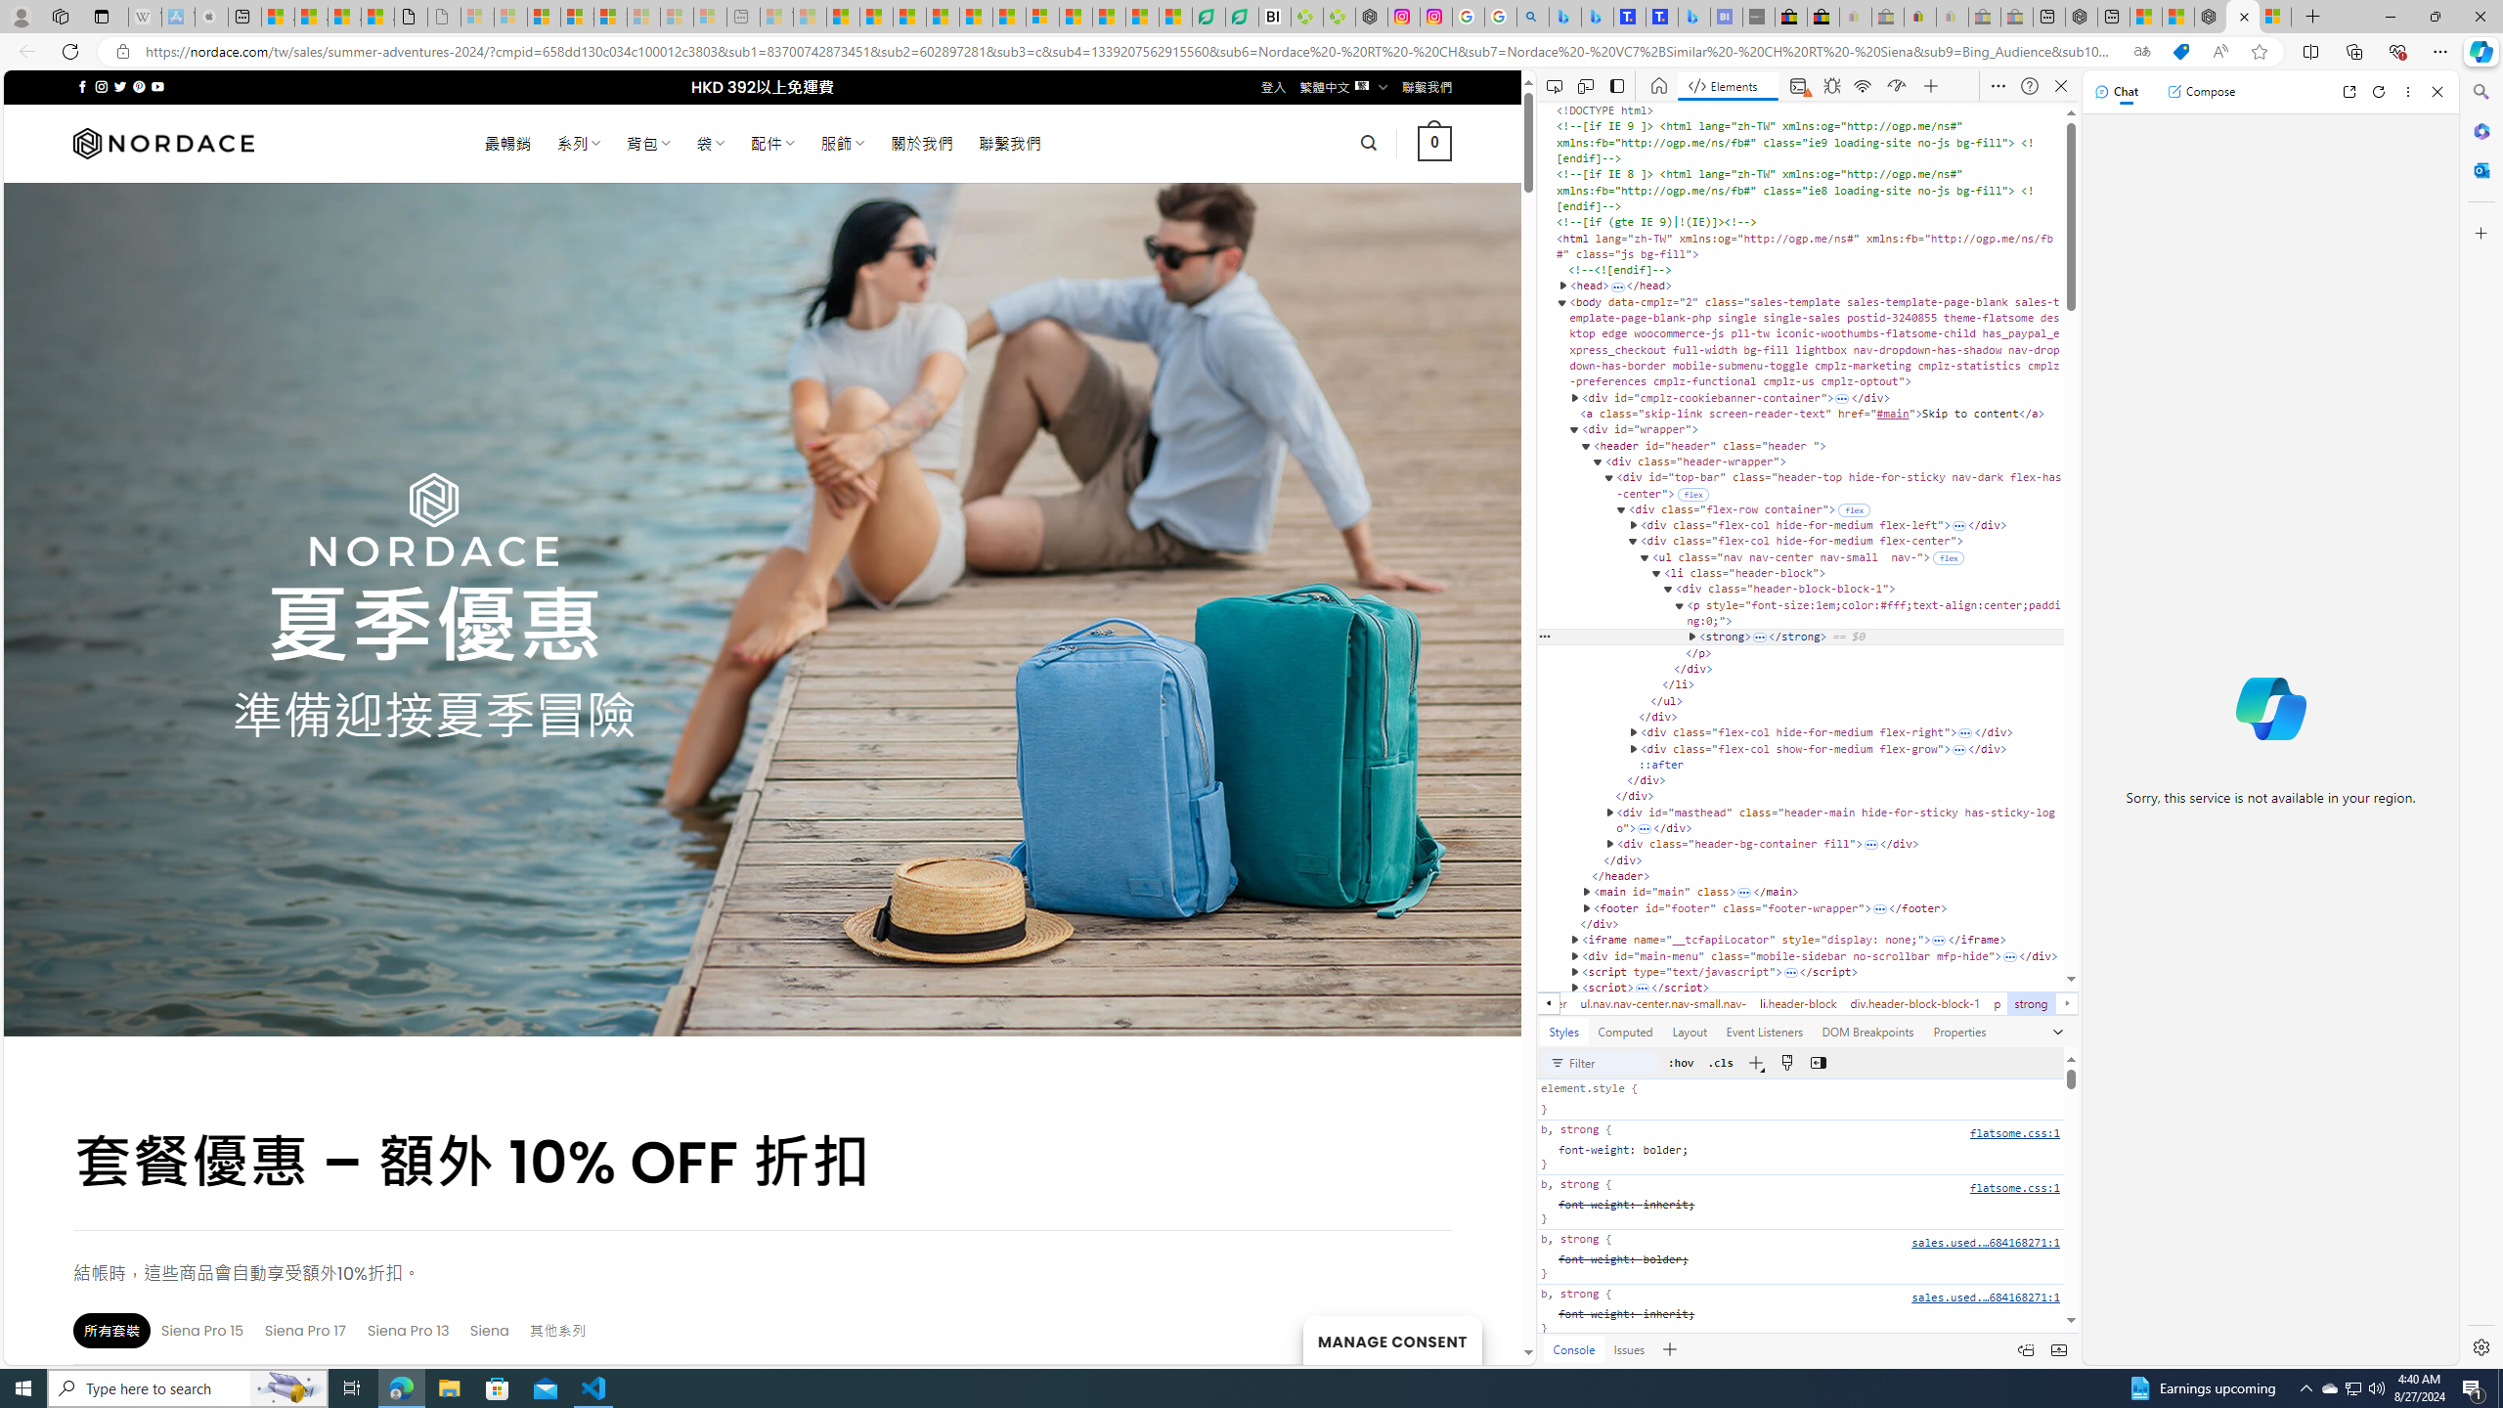  Describe the element at coordinates (1799, 1100) in the screenshot. I see `'element.style, css selector'` at that location.